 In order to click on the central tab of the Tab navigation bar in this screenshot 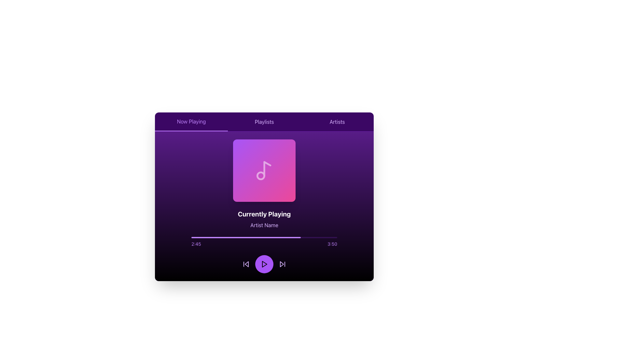, I will do `click(264, 122)`.